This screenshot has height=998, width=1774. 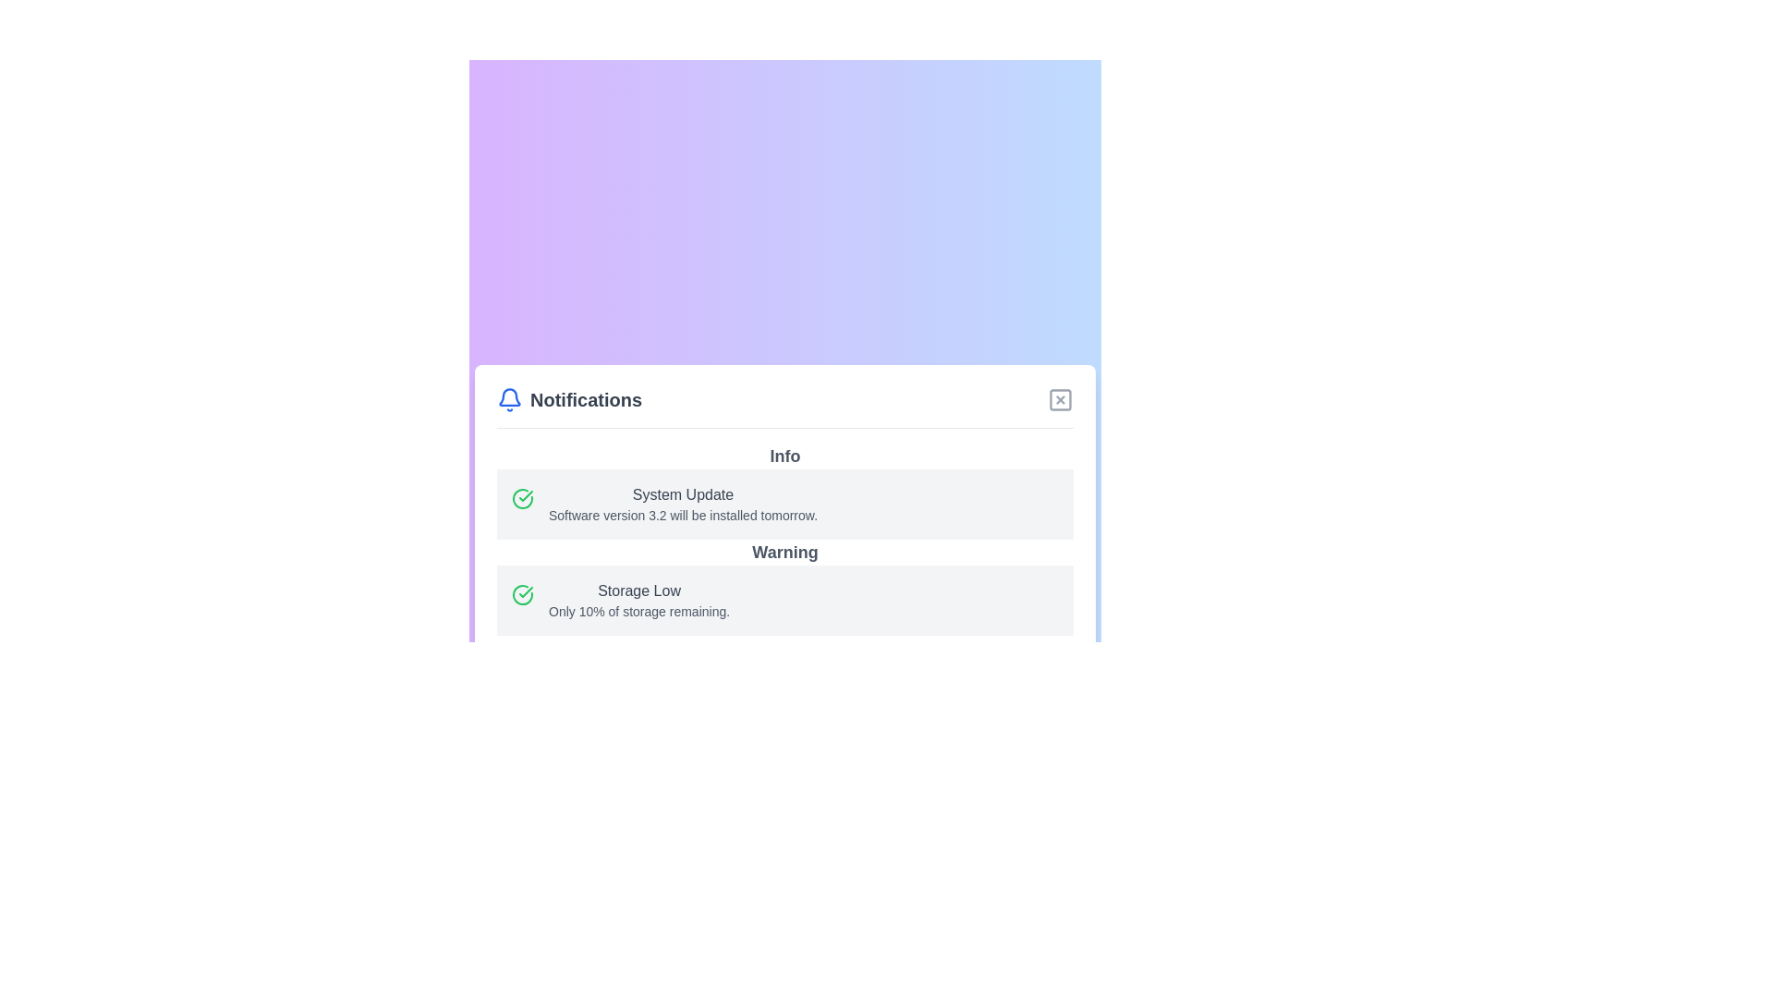 I want to click on text from the notification titled 'System Update' that informs about 'Software version 3.2 will be installed tomorrow.', so click(x=682, y=504).